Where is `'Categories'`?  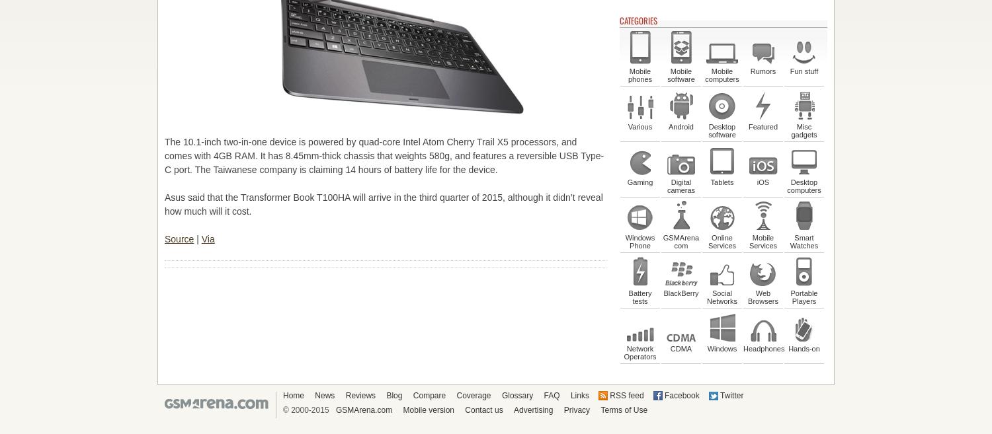 'Categories' is located at coordinates (638, 20).